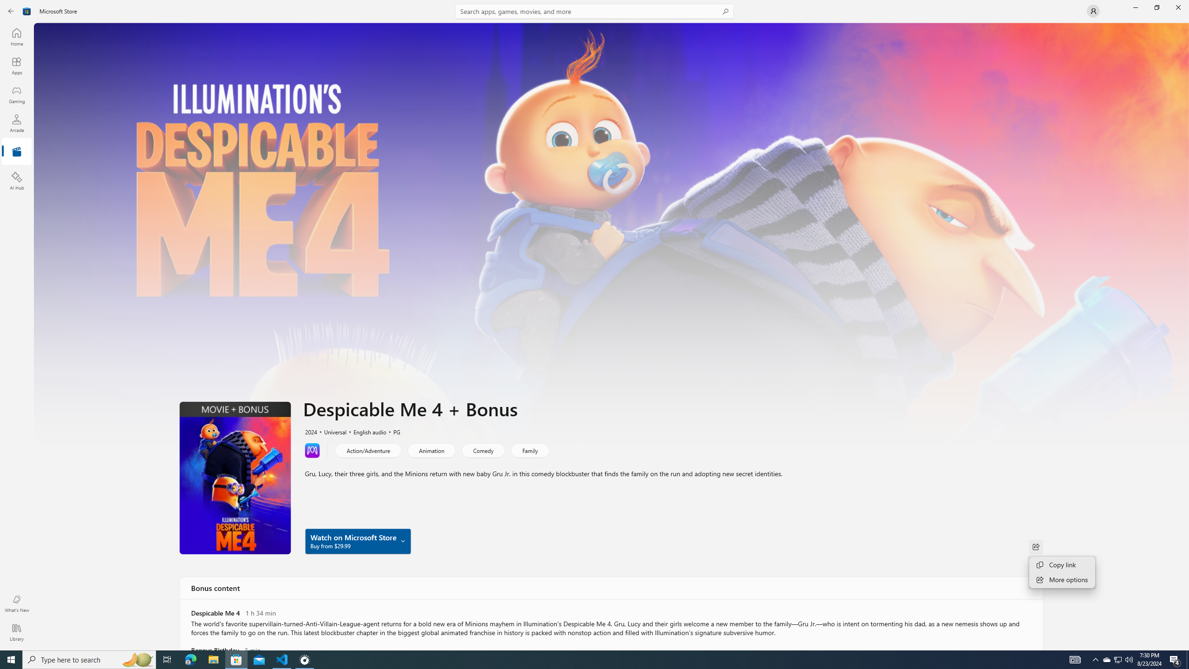  What do you see at coordinates (483, 450) in the screenshot?
I see `'Comedy'` at bounding box center [483, 450].